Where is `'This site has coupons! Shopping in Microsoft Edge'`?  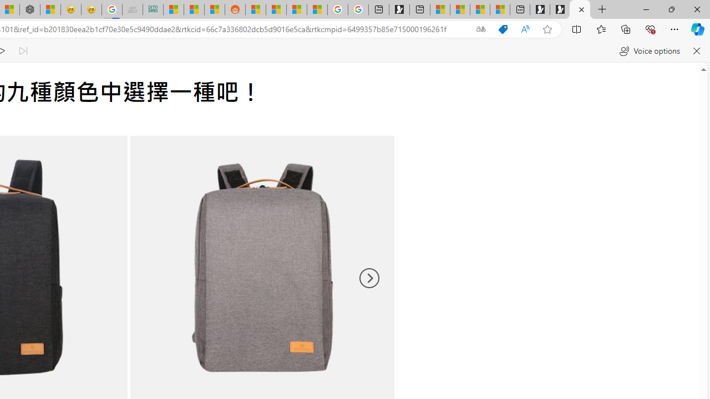
'This site has coupons! Shopping in Microsoft Edge' is located at coordinates (502, 29).